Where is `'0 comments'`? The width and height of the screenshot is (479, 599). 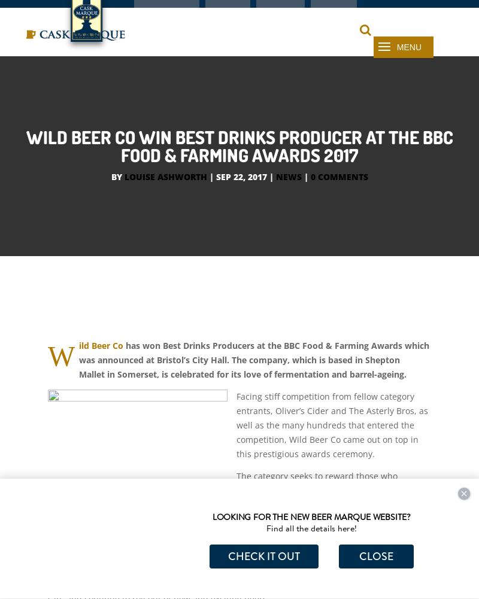
'0 comments' is located at coordinates (339, 203).